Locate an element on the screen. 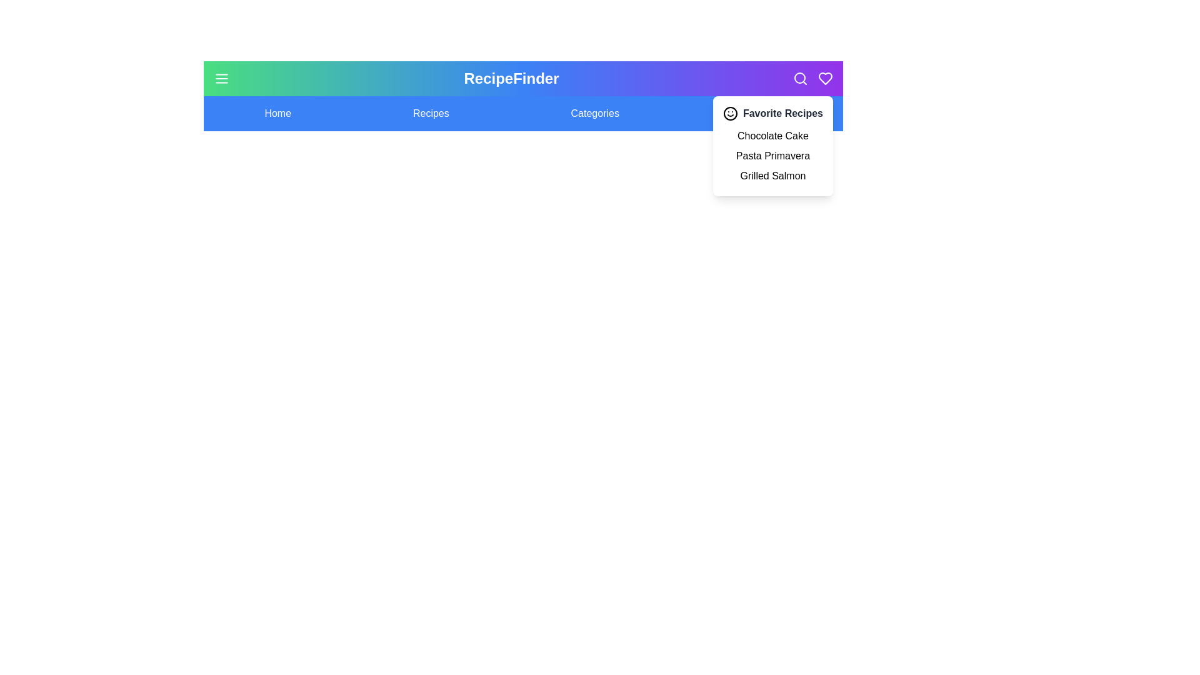 The height and width of the screenshot is (675, 1200). the heart_icon to observe its hover effect is located at coordinates (825, 79).